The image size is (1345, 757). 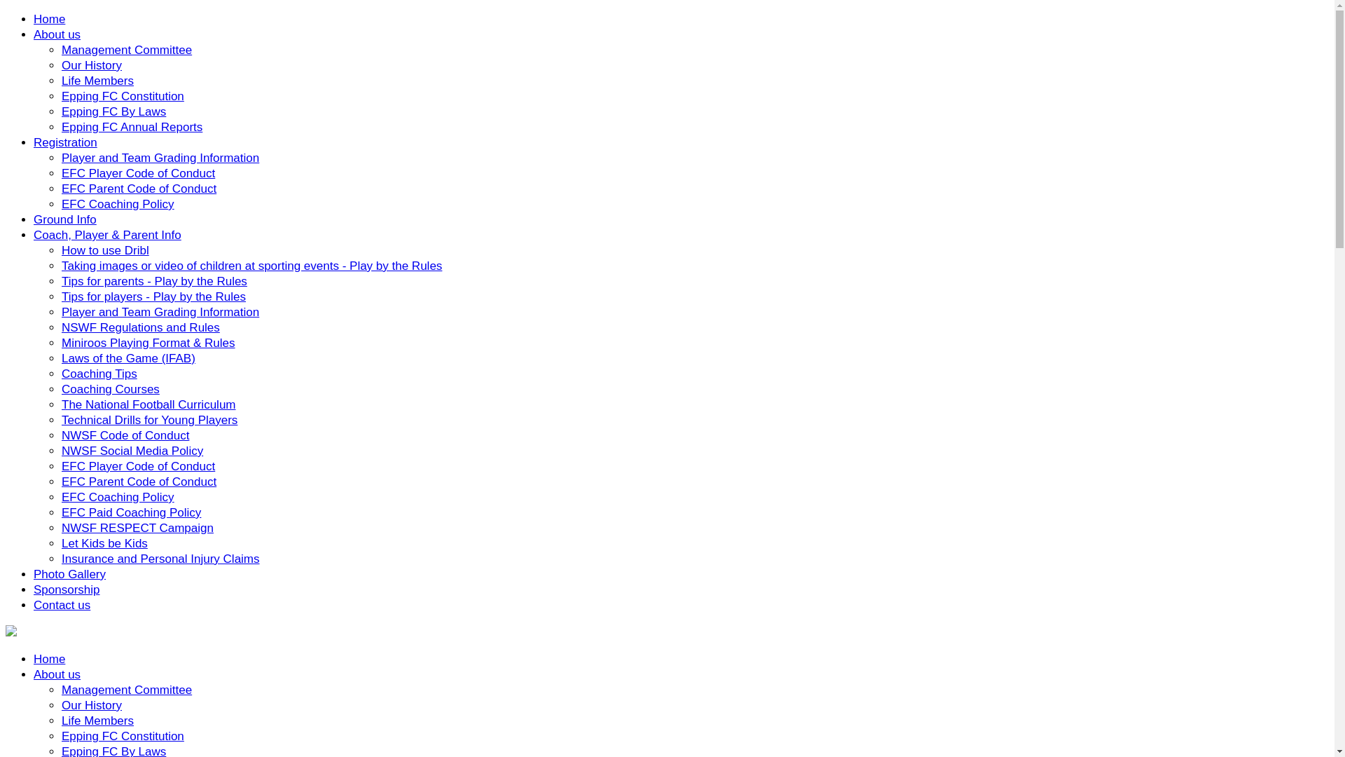 What do you see at coordinates (90, 705) in the screenshot?
I see `'Our History'` at bounding box center [90, 705].